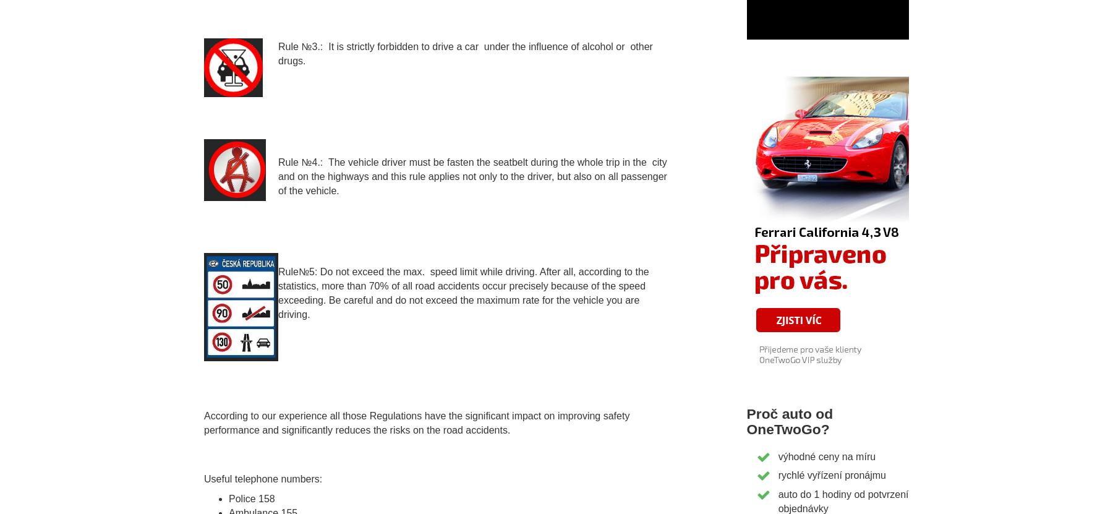 This screenshot has height=514, width=1113. I want to click on 'According to our experience all those Regulations have the significant impact on improving safety performance and significantly reduces the risks on the road accidents.', so click(416, 422).